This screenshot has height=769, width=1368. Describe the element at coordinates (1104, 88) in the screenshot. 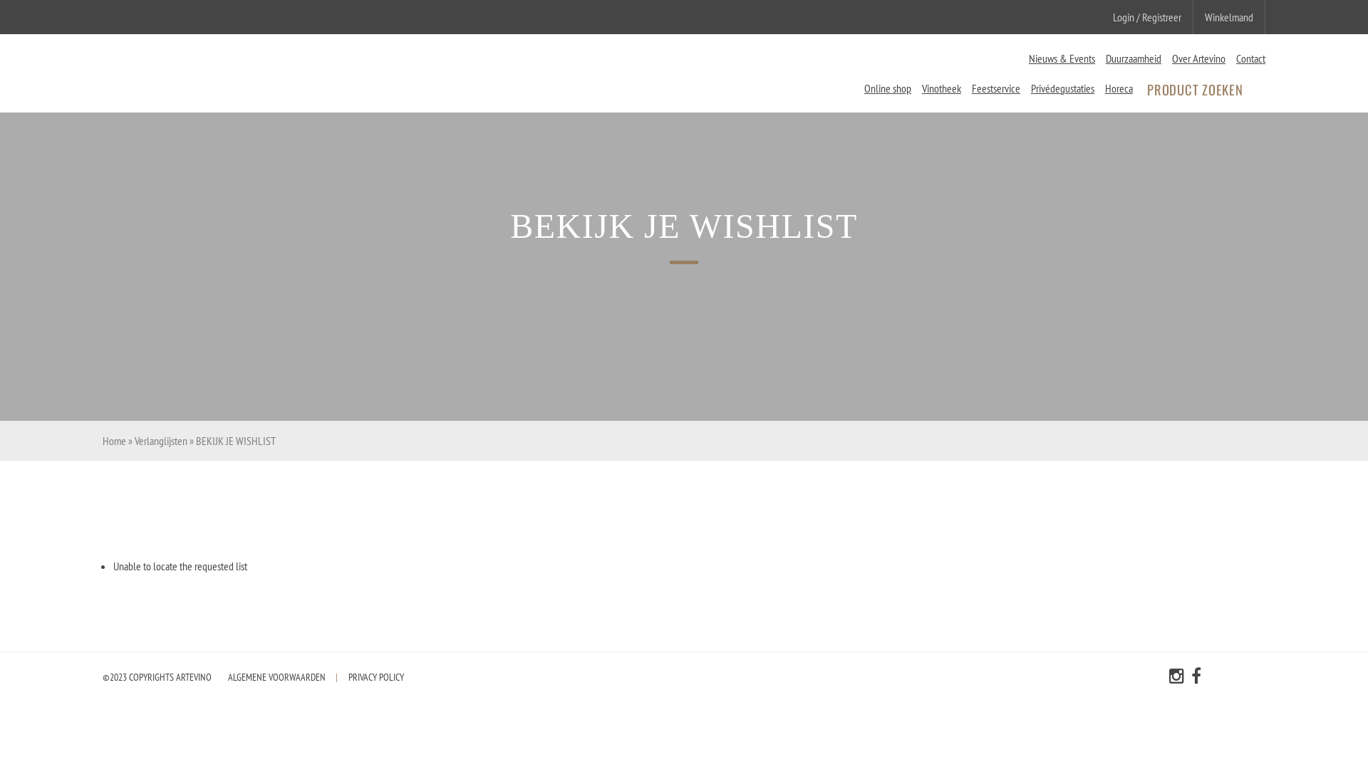

I see `'Horeca'` at that location.